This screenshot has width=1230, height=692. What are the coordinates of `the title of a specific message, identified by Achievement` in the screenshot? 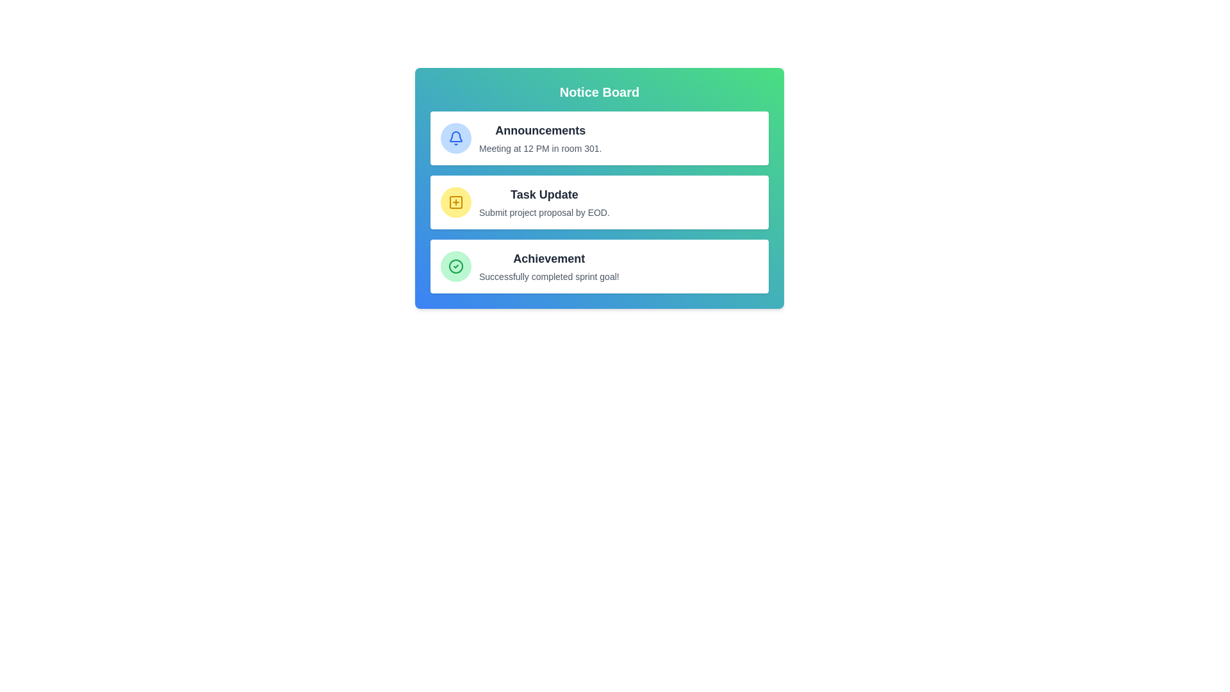 It's located at (549, 259).